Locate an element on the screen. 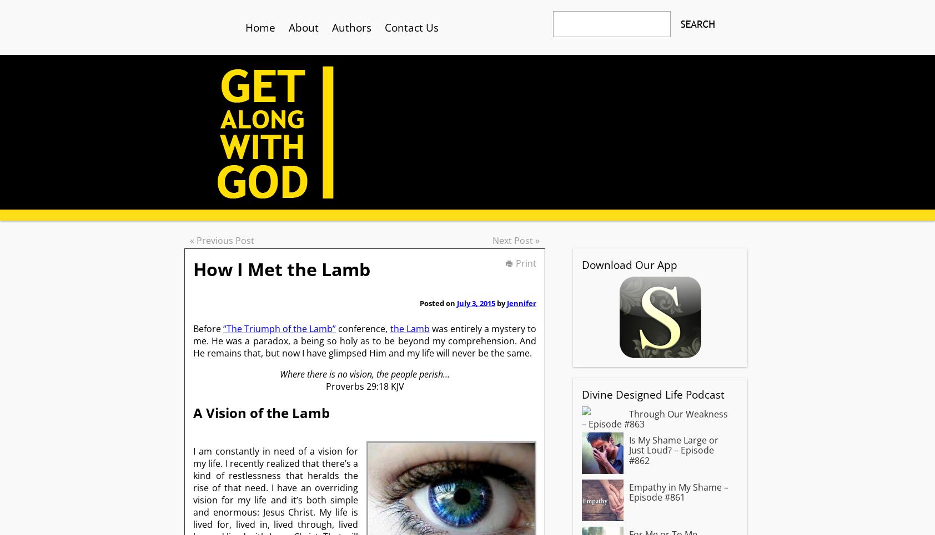  'How I Met the Lamb' is located at coordinates (281, 269).